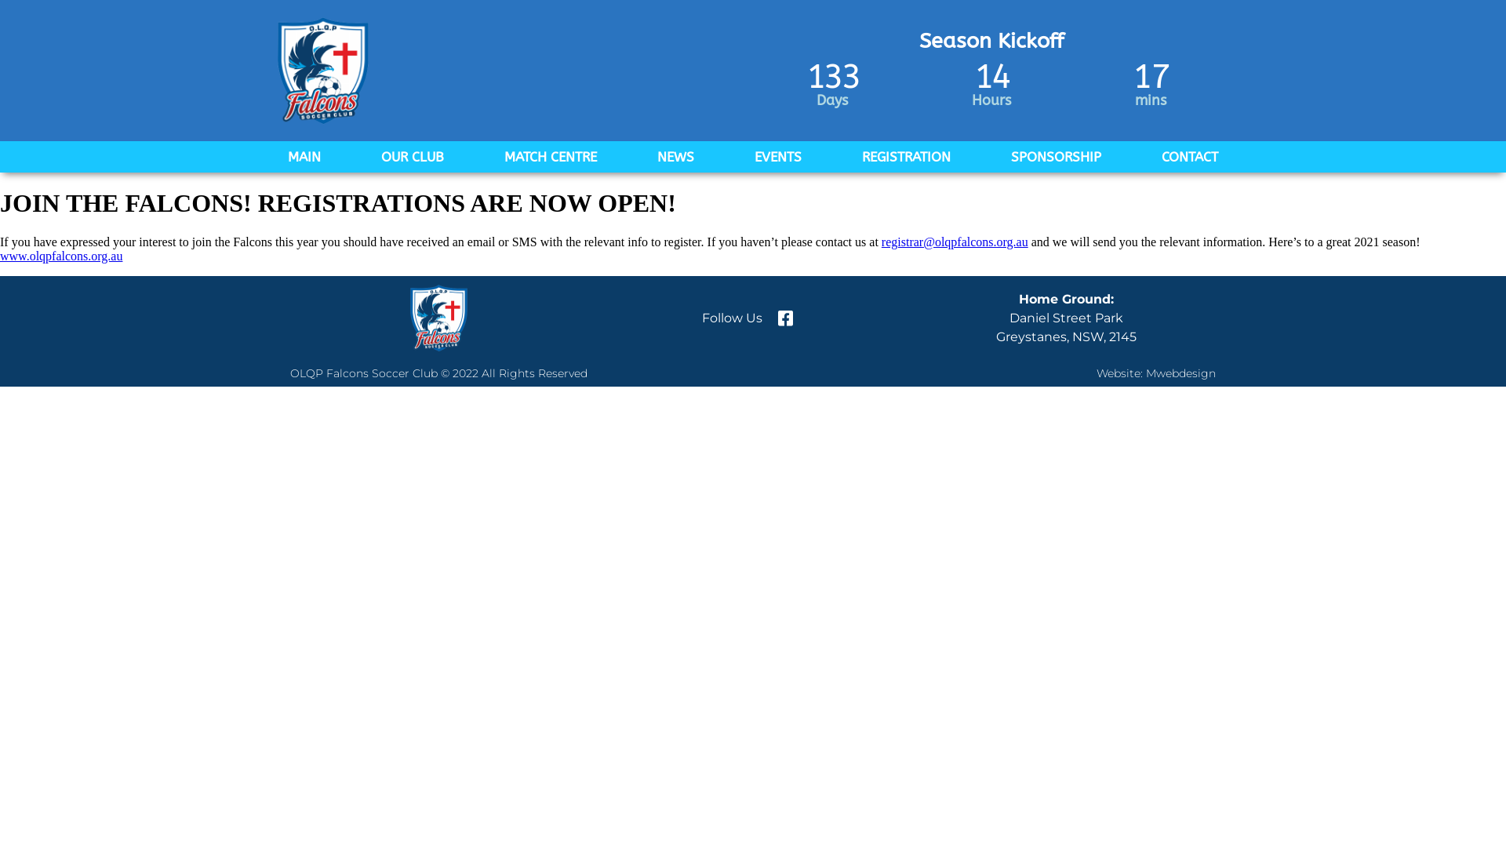 This screenshot has height=847, width=1506. I want to click on 'Website: Mwebdesign', so click(1155, 373).